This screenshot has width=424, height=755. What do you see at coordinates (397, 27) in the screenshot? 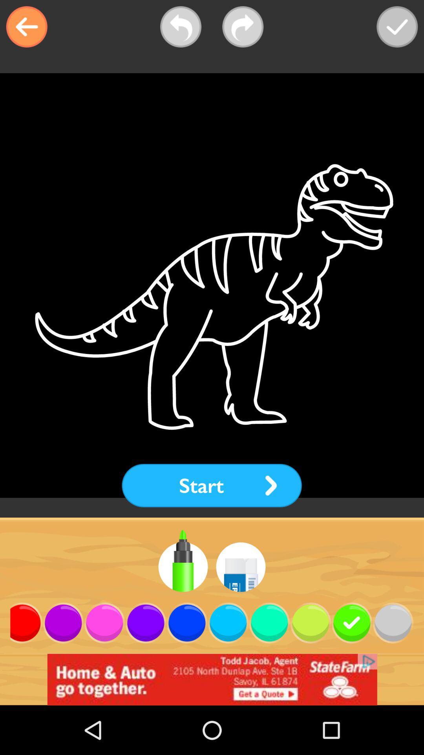
I see `picture` at bounding box center [397, 27].